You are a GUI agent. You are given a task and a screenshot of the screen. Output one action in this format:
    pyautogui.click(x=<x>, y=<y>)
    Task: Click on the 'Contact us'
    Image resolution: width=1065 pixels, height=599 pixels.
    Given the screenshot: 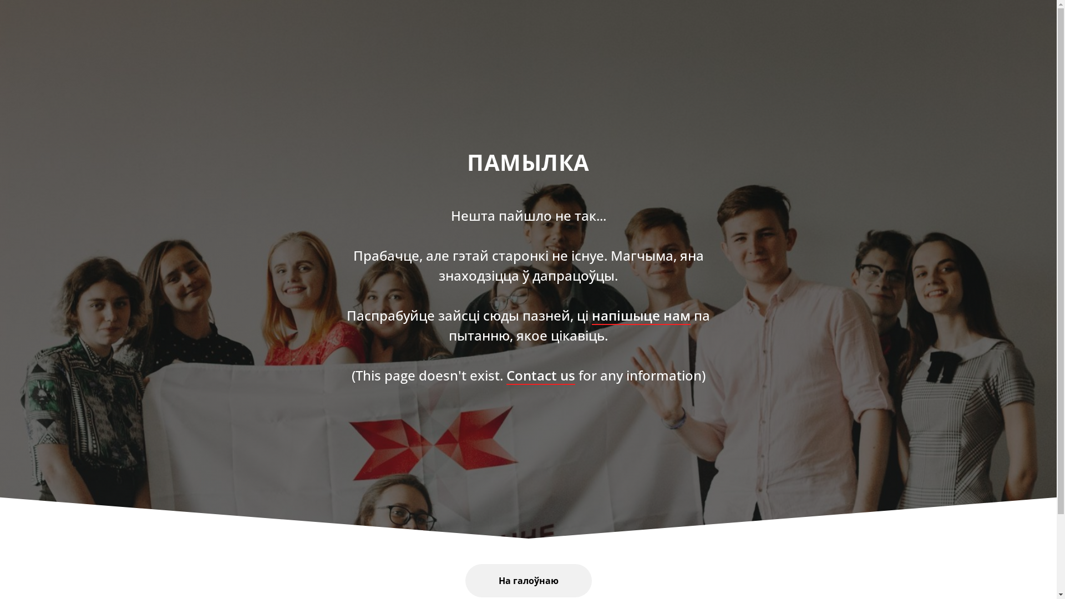 What is the action you would take?
    pyautogui.click(x=540, y=375)
    